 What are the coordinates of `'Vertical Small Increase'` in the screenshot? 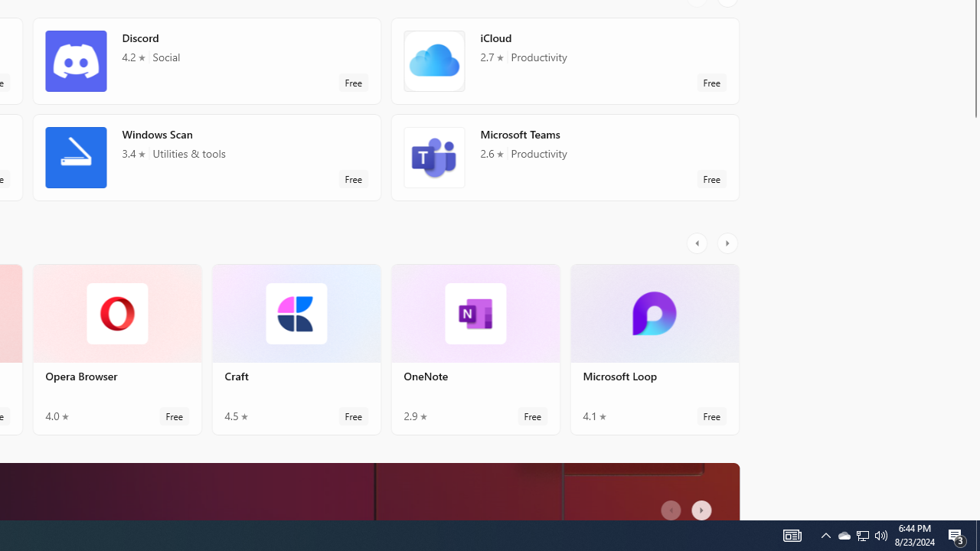 It's located at (973, 514).